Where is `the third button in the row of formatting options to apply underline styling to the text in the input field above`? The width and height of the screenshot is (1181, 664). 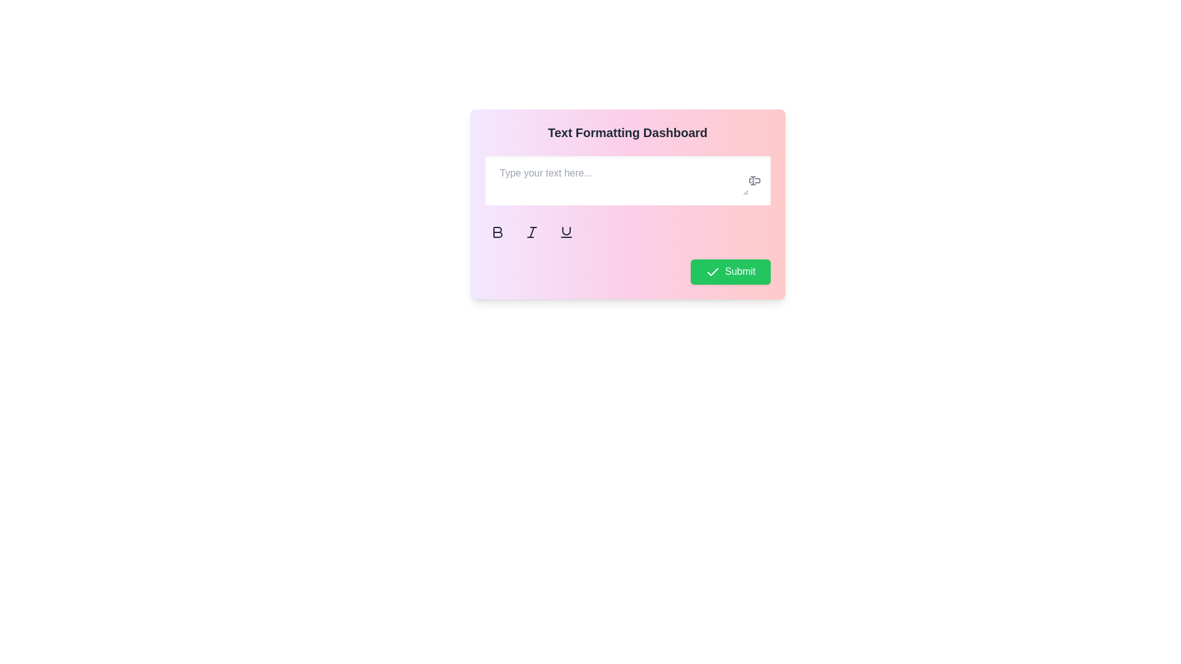
the third button in the row of formatting options to apply underline styling to the text in the input field above is located at coordinates (565, 232).